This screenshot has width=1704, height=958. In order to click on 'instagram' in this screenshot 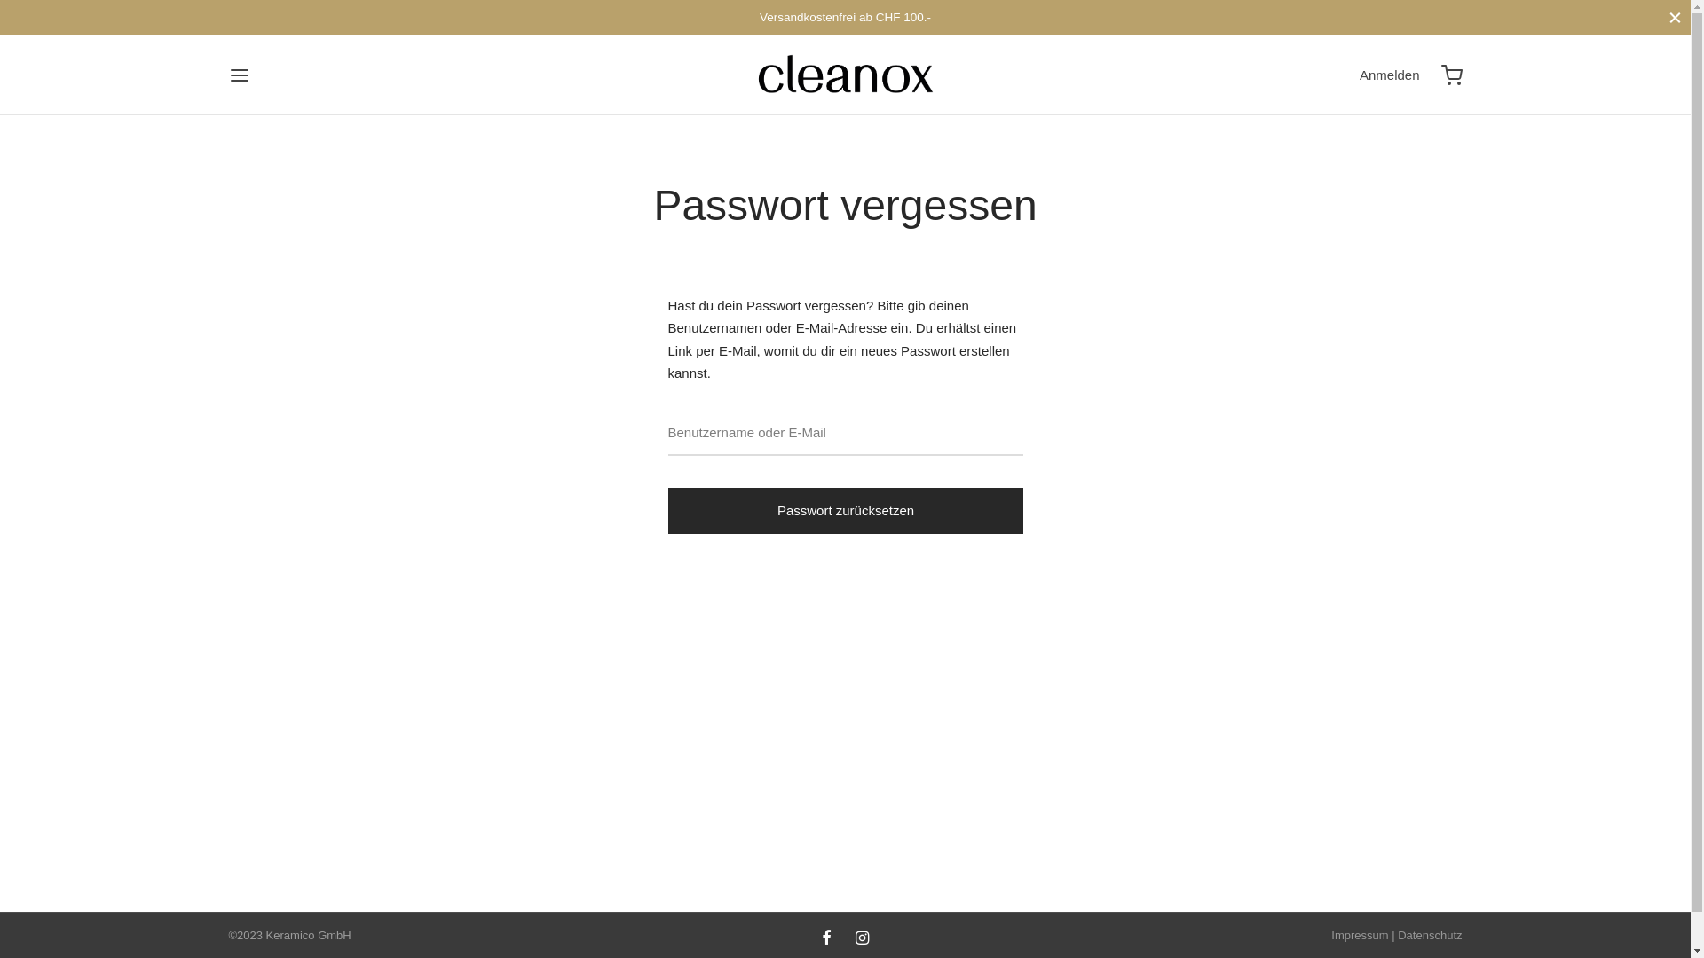, I will do `click(862, 938)`.